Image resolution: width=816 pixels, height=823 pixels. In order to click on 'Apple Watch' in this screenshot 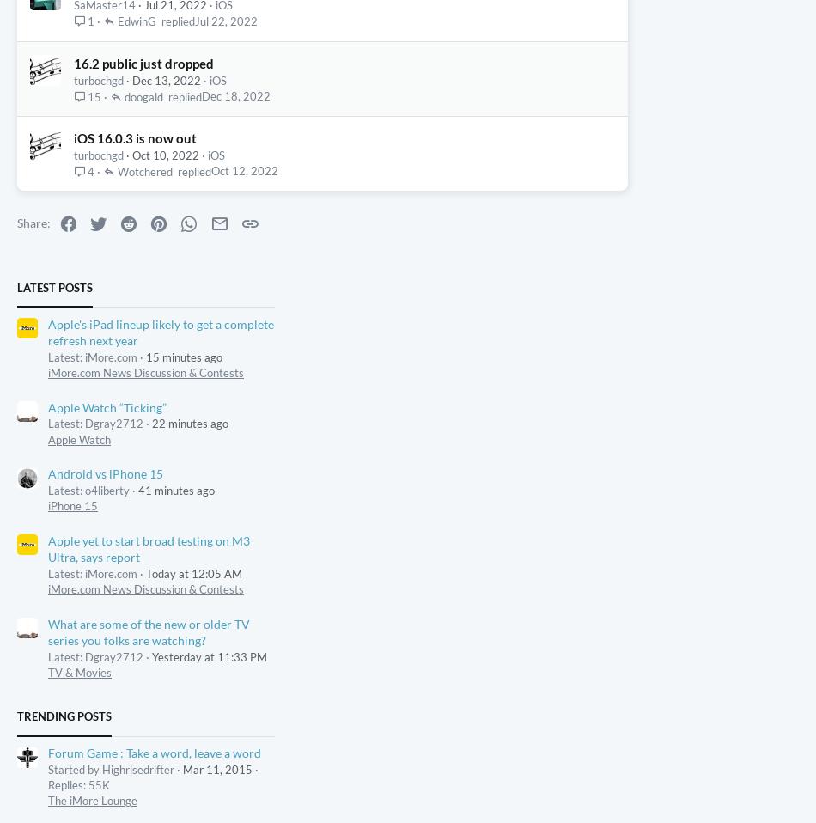, I will do `click(274, 526)`.